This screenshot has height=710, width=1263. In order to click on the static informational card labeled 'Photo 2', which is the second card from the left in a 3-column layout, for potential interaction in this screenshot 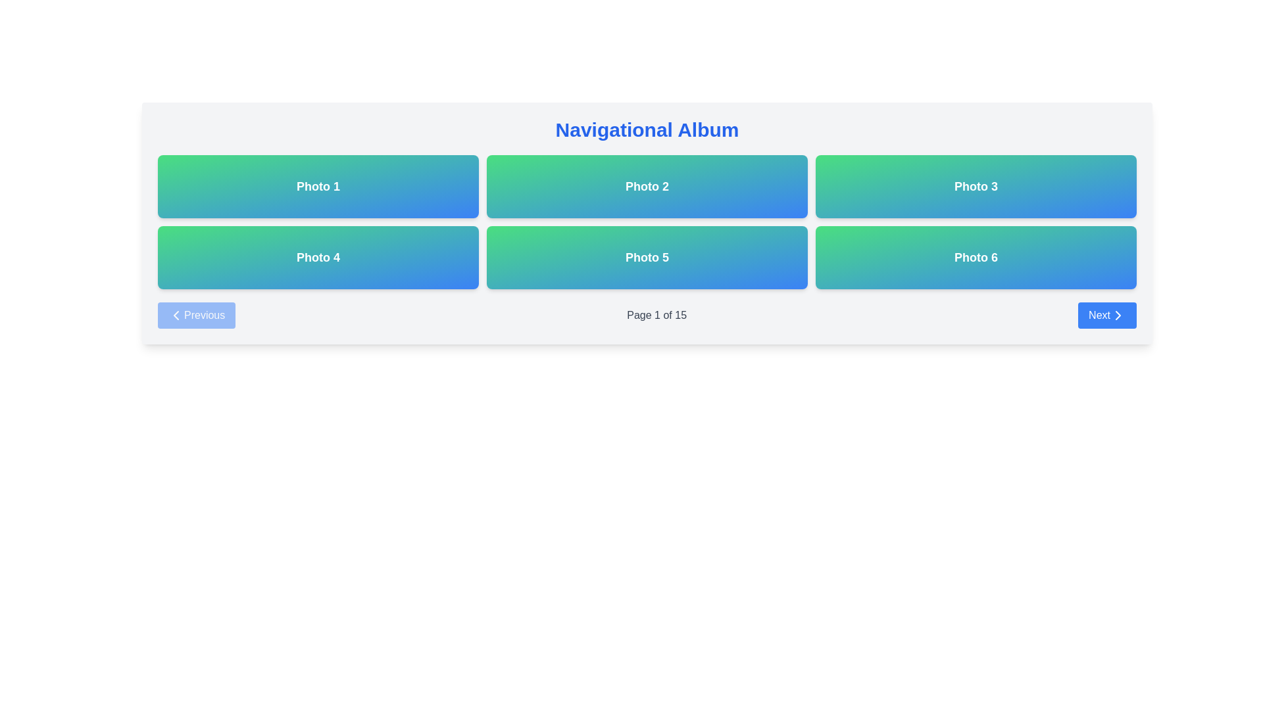, I will do `click(647, 187)`.